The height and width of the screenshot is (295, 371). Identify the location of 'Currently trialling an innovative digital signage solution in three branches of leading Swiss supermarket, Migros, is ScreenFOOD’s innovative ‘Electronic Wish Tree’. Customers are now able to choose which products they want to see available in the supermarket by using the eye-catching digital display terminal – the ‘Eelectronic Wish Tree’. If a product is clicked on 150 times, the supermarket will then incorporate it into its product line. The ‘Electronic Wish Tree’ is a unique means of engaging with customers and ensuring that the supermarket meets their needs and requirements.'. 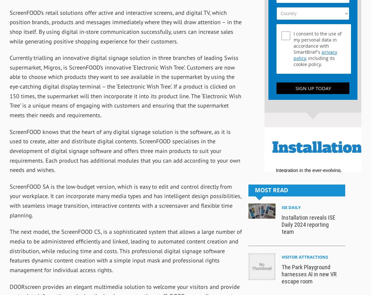
(125, 86).